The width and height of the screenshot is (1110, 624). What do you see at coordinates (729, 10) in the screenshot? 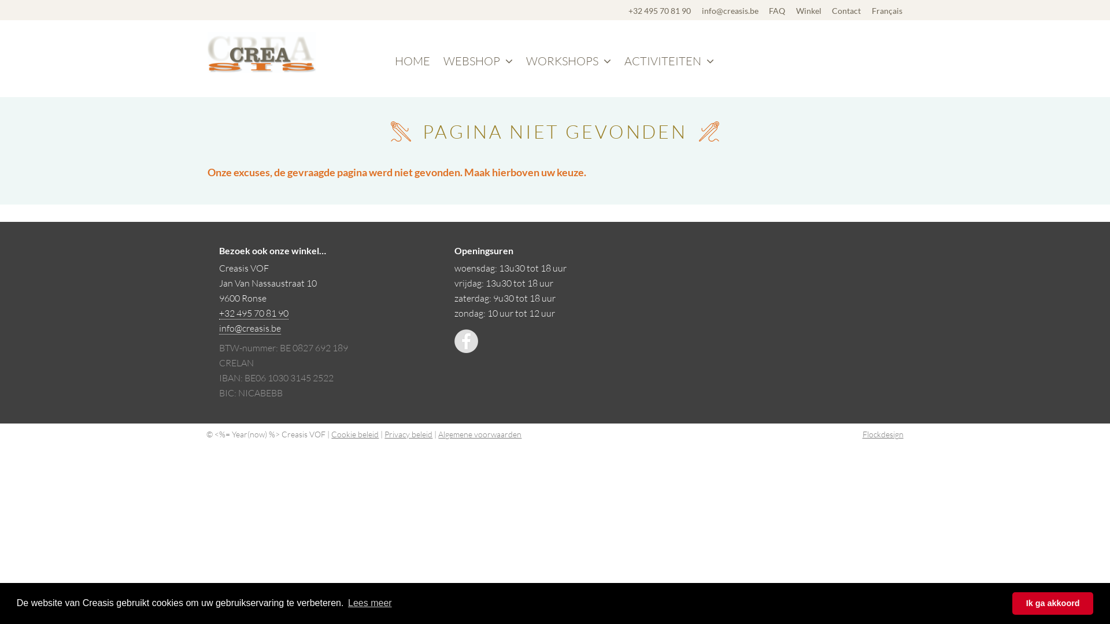
I see `'info@creasis.be'` at bounding box center [729, 10].